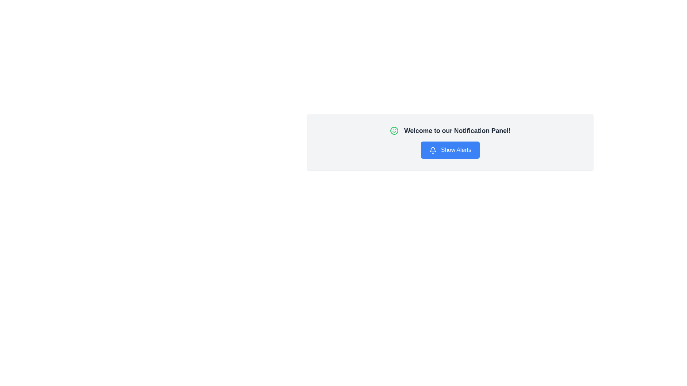  What do you see at coordinates (450, 131) in the screenshot?
I see `greeting message 'Welcome to our Notification Panel!' which is displayed in bold, large-font text with a green smiley icon preceding it` at bounding box center [450, 131].